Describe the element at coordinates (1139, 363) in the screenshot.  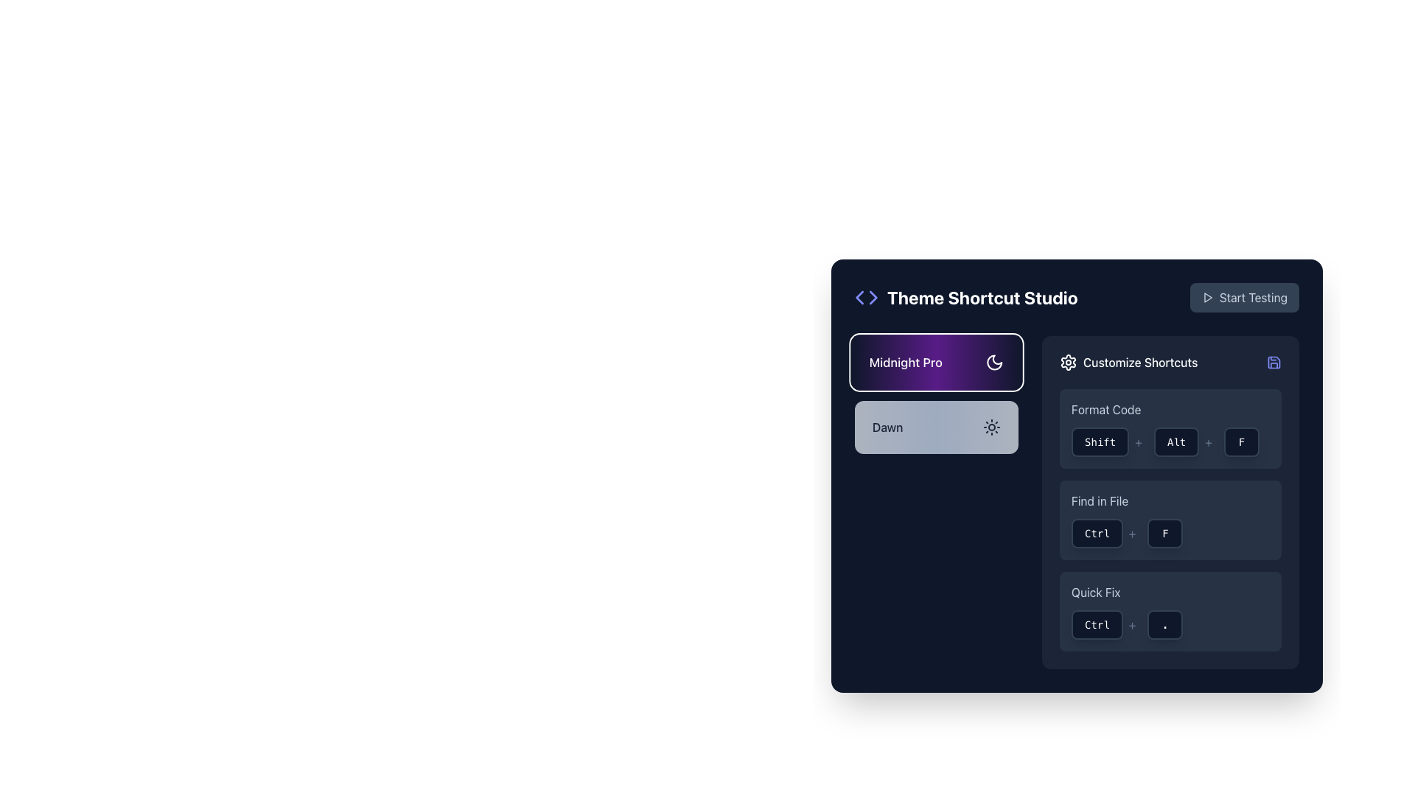
I see `the text label or link located beside the cogwheel icon in the top right section of the interface` at that location.